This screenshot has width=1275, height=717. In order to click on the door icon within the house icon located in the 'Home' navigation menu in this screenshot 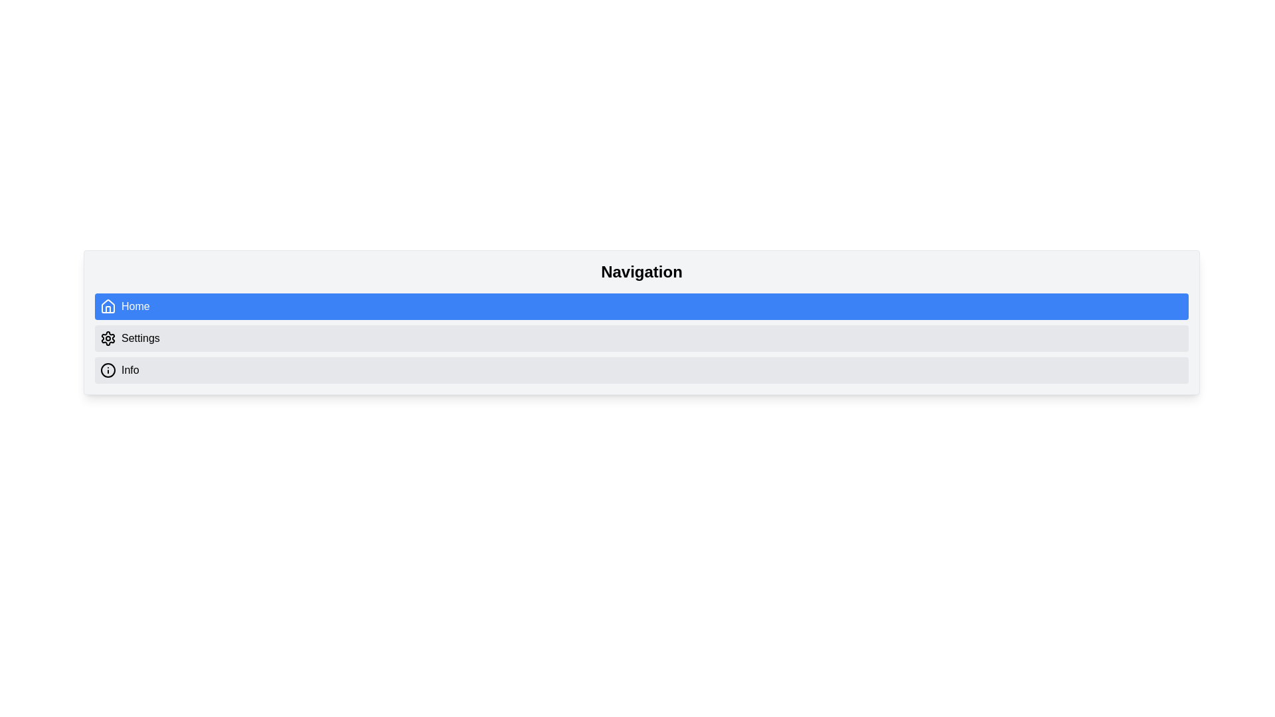, I will do `click(108, 309)`.